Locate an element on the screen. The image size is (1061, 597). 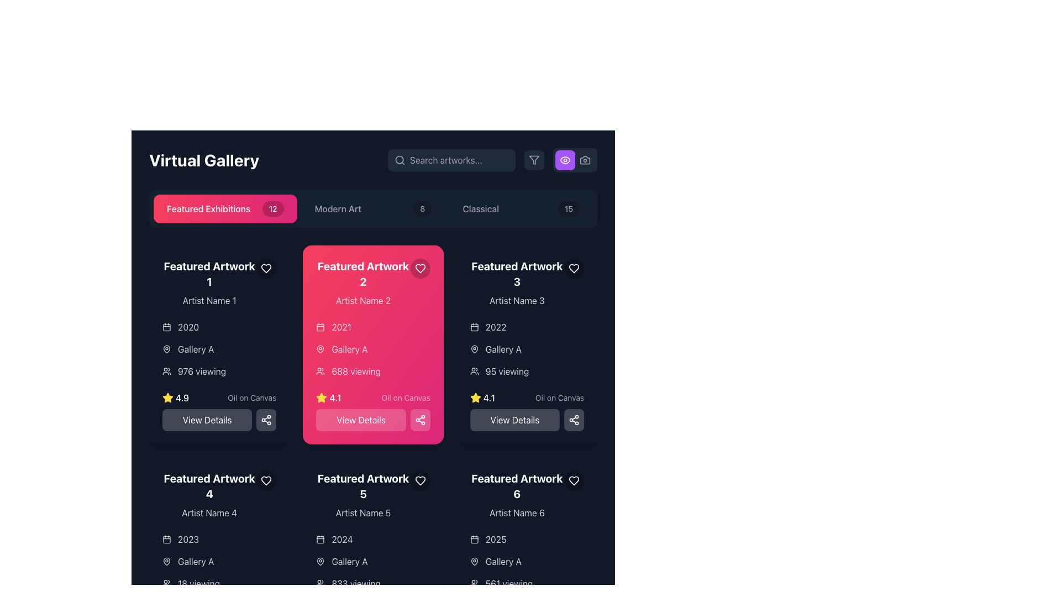
the calendar icon that represents a date or time-related feature, located to the immediate left of the text '2022' in the upper-right section of the third card is located at coordinates (474, 326).